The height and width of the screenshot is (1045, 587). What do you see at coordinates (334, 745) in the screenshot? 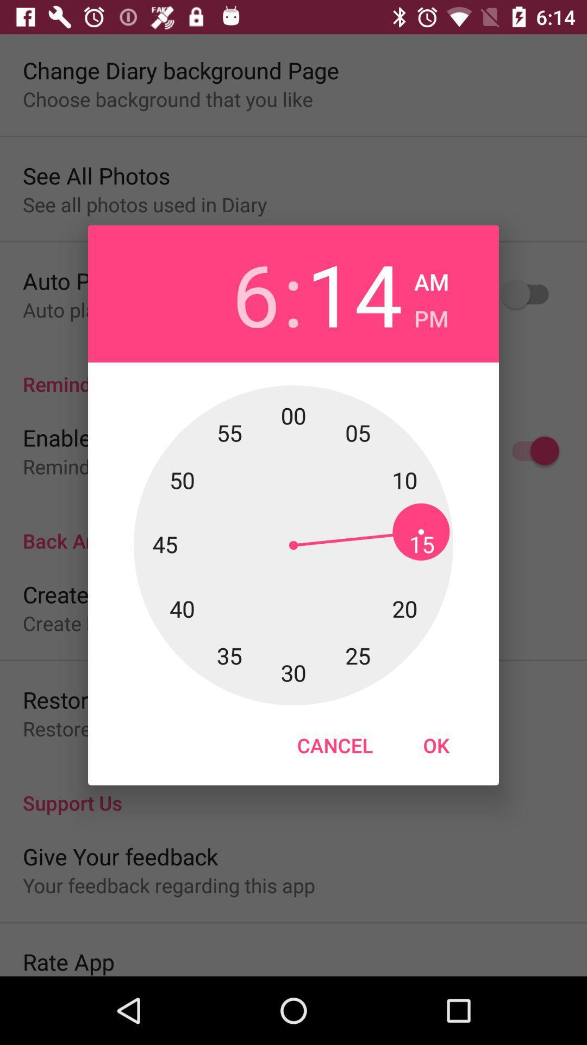
I see `the cancel item` at bounding box center [334, 745].